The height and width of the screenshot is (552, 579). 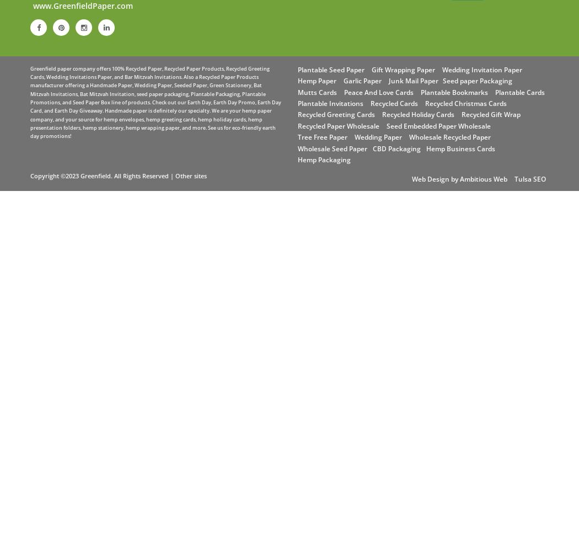 I want to click on 'Tulsa SEO', so click(x=529, y=178).